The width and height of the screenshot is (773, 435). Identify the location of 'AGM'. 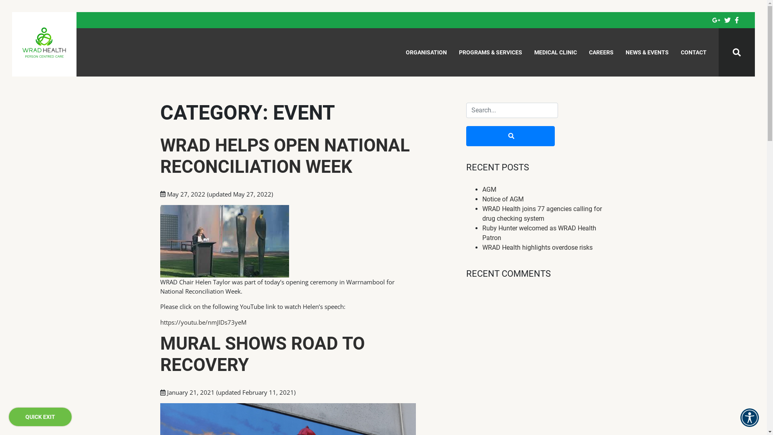
(489, 189).